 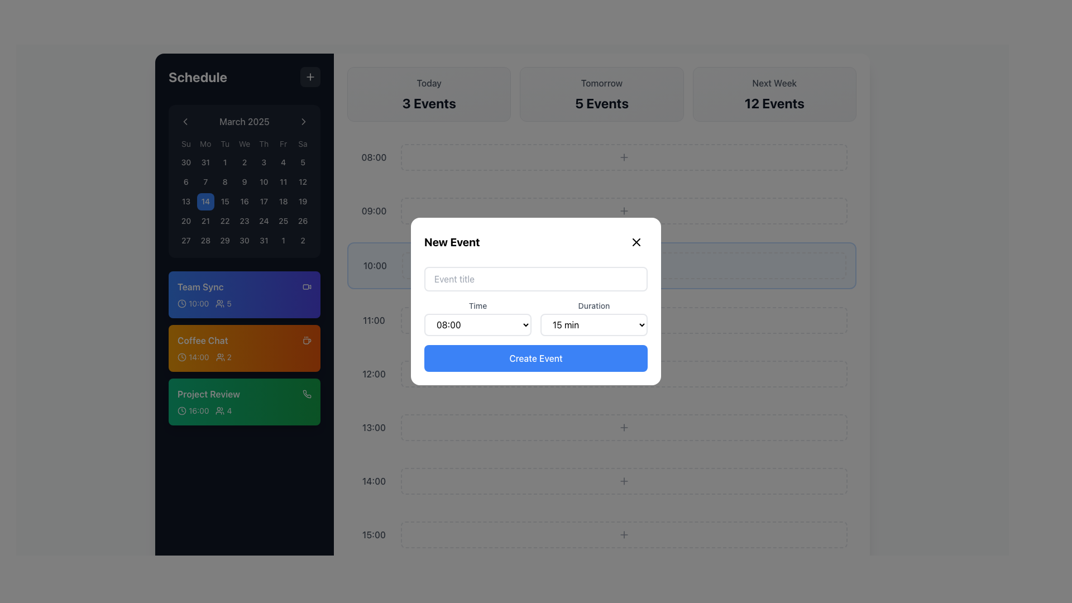 I want to click on the selectable date button for March 25, 2025, in the calendar UI, so click(x=283, y=221).